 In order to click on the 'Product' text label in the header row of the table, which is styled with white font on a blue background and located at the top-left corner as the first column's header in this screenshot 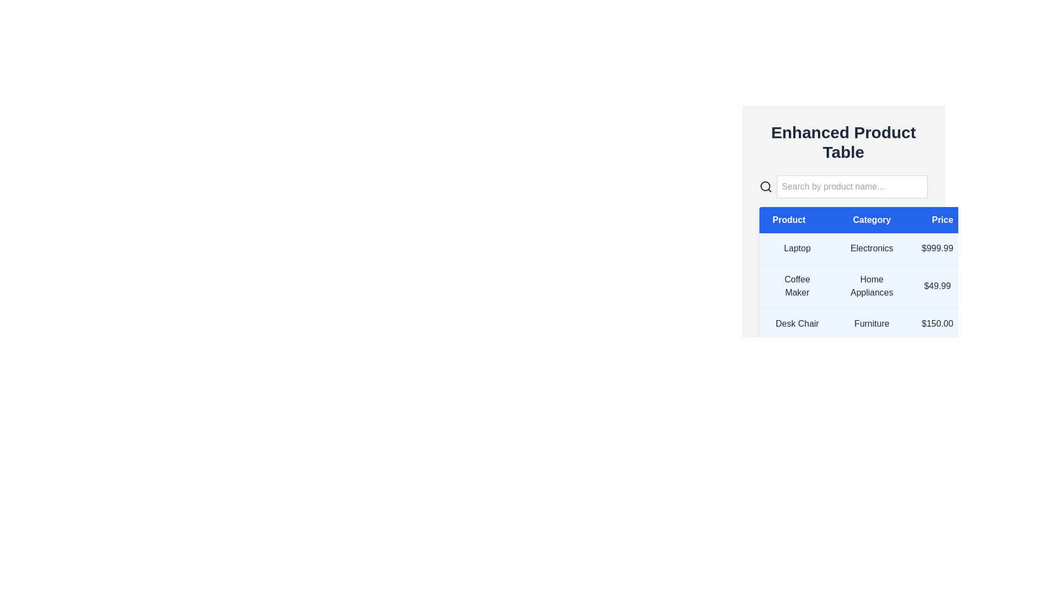, I will do `click(797, 220)`.